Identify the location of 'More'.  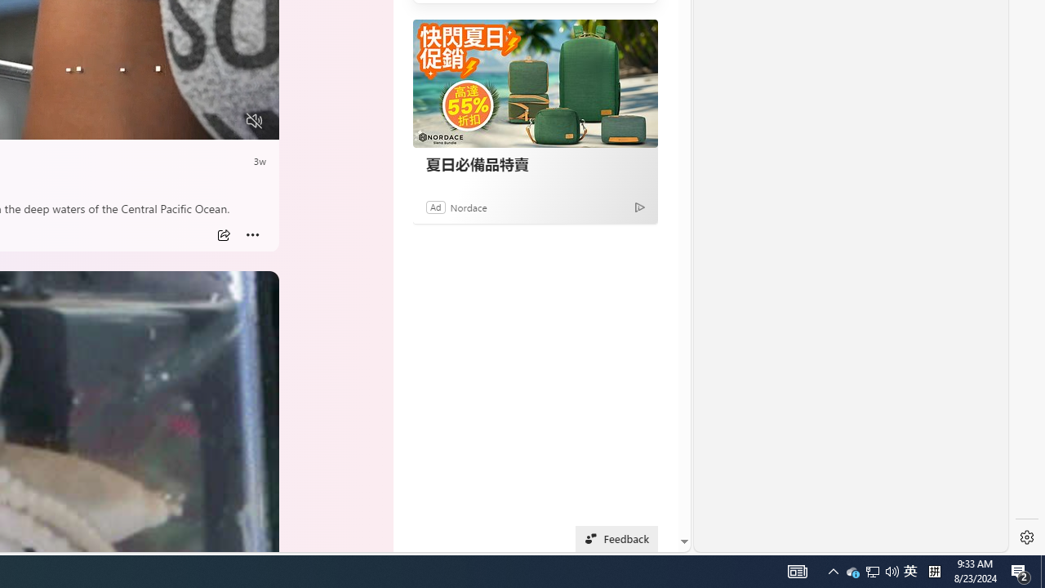
(252, 235).